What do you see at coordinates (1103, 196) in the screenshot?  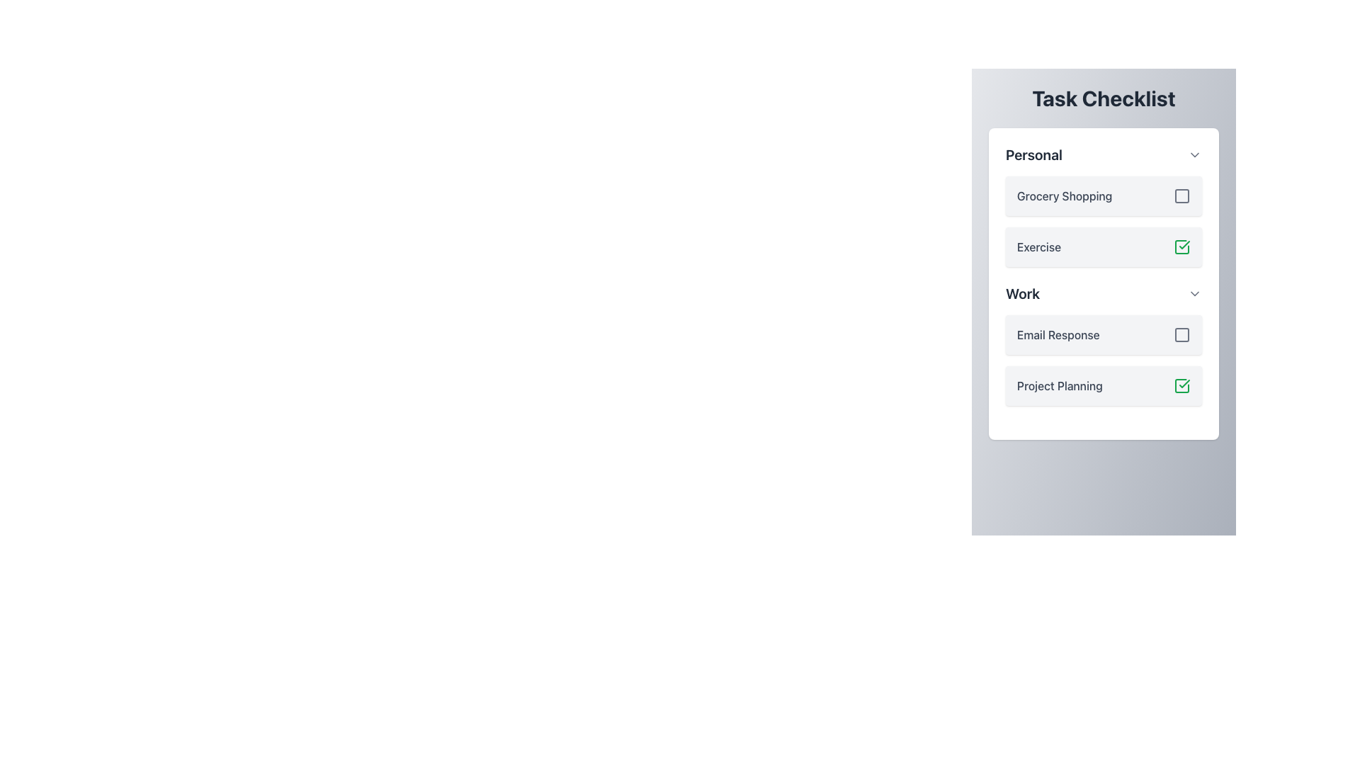 I see `the 'Grocery Shopping' checklist item` at bounding box center [1103, 196].